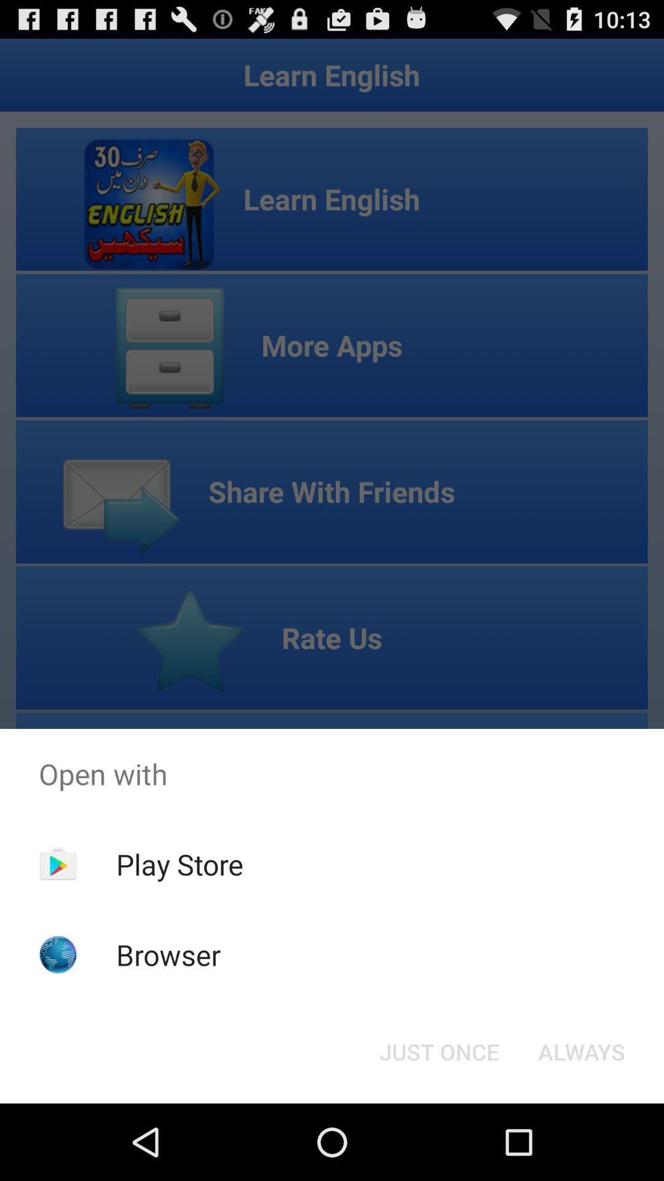 The width and height of the screenshot is (664, 1181). Describe the element at coordinates (438, 1051) in the screenshot. I see `just once at the bottom` at that location.